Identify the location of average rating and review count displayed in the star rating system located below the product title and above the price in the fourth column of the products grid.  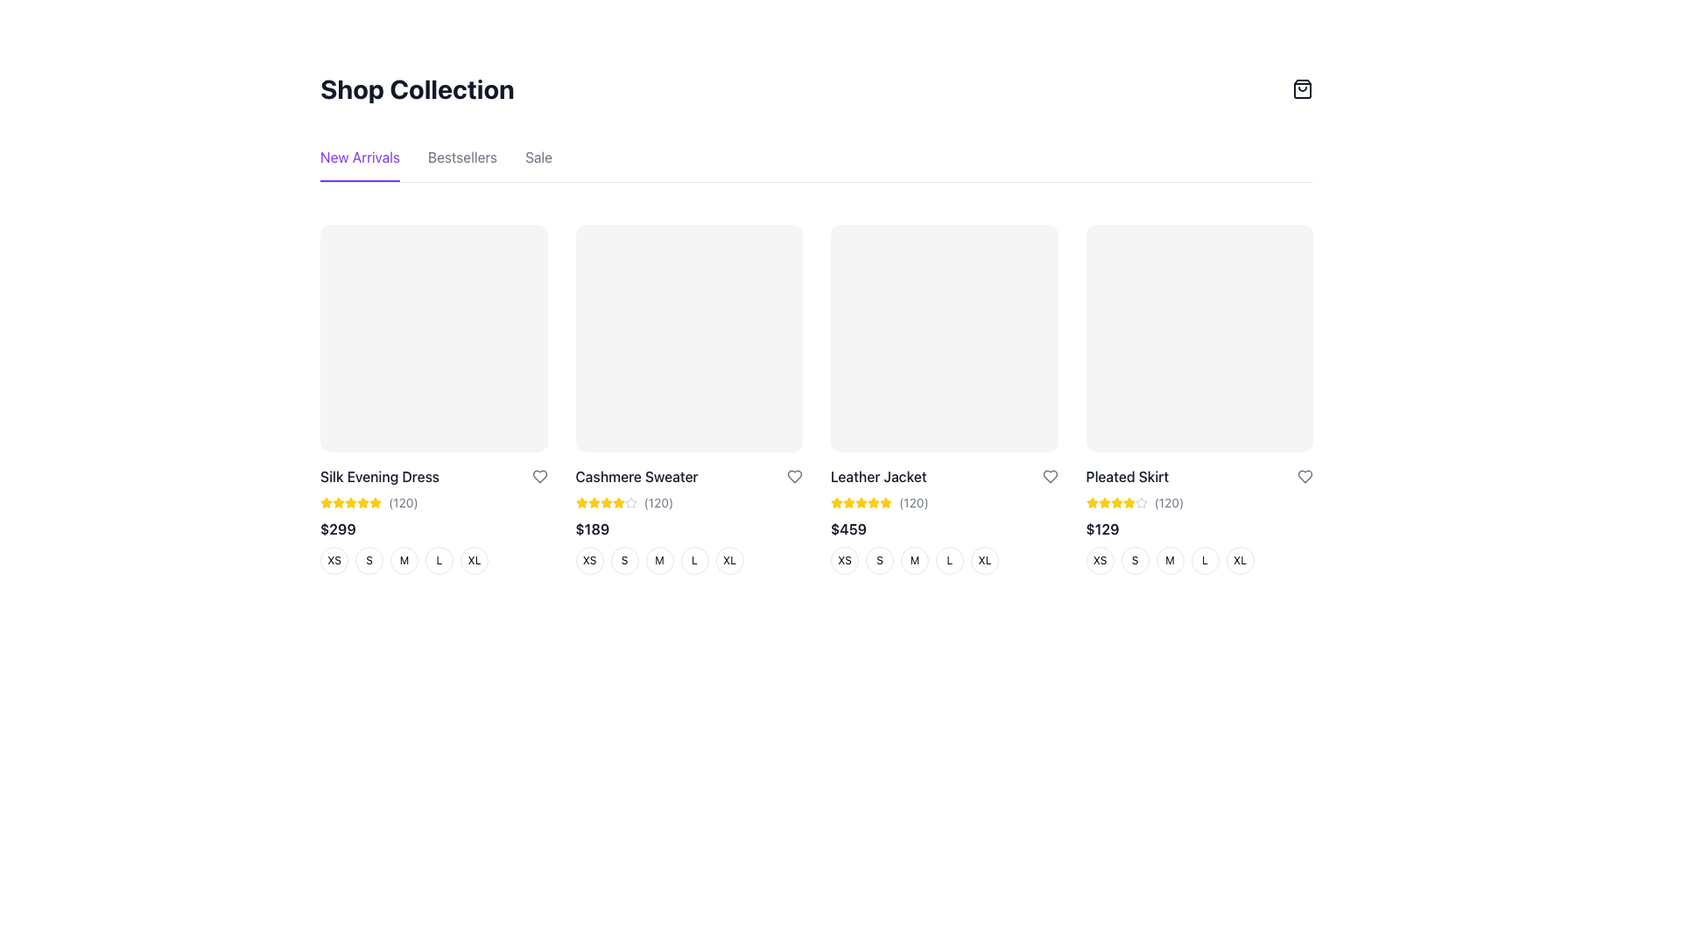
(1199, 502).